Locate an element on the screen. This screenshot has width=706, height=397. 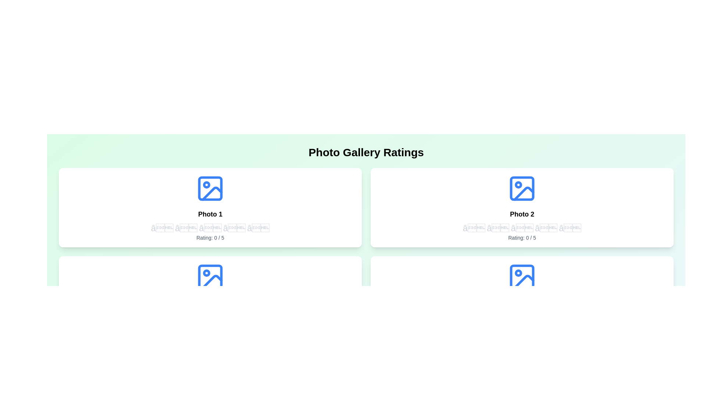
the rating of the first photo to 2 stars is located at coordinates (186, 228).